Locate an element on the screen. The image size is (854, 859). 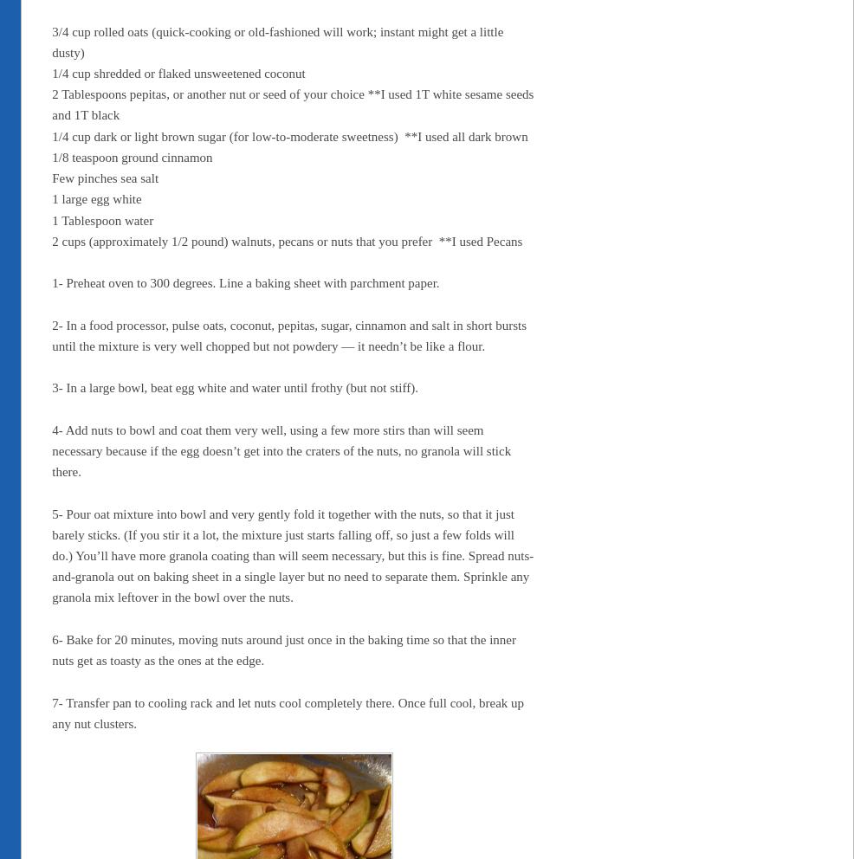
'1 large egg white' is located at coordinates (96, 199).